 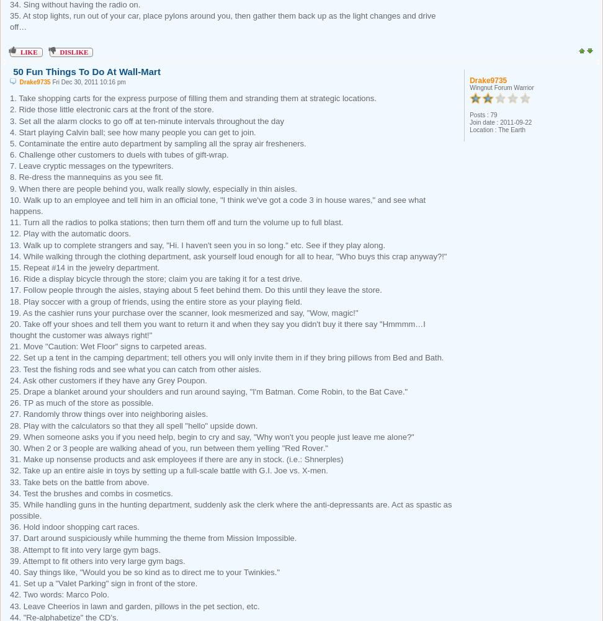 I want to click on '36. Hold indoor shopping cart races.', so click(x=10, y=526).